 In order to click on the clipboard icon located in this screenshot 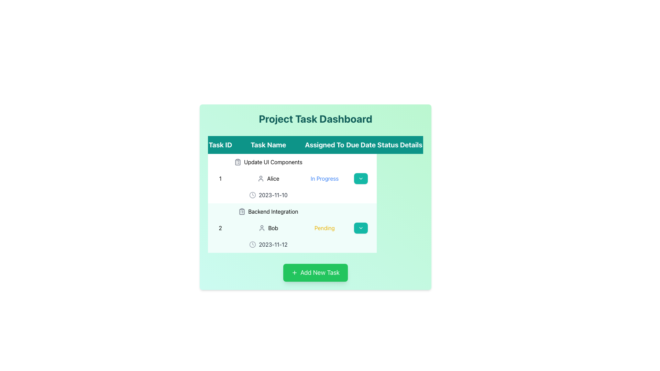, I will do `click(238, 162)`.